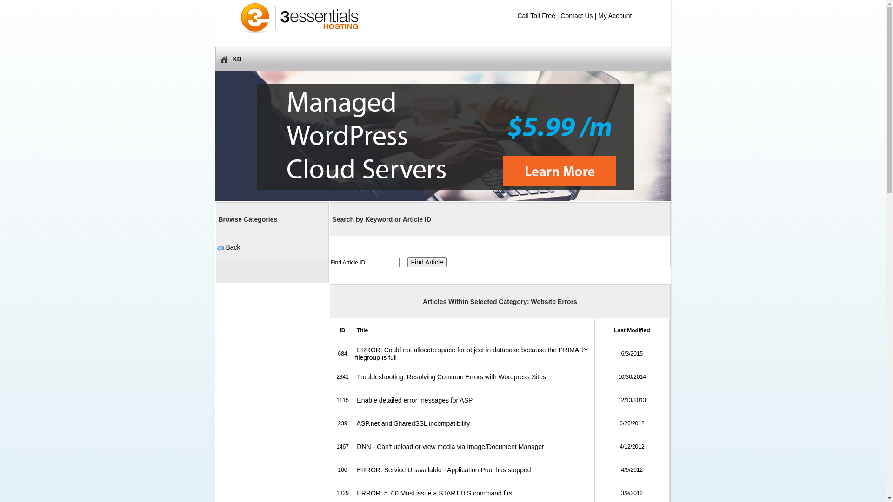  Describe the element at coordinates (536, 16) in the screenshot. I see `'Call Toll Free'` at that location.